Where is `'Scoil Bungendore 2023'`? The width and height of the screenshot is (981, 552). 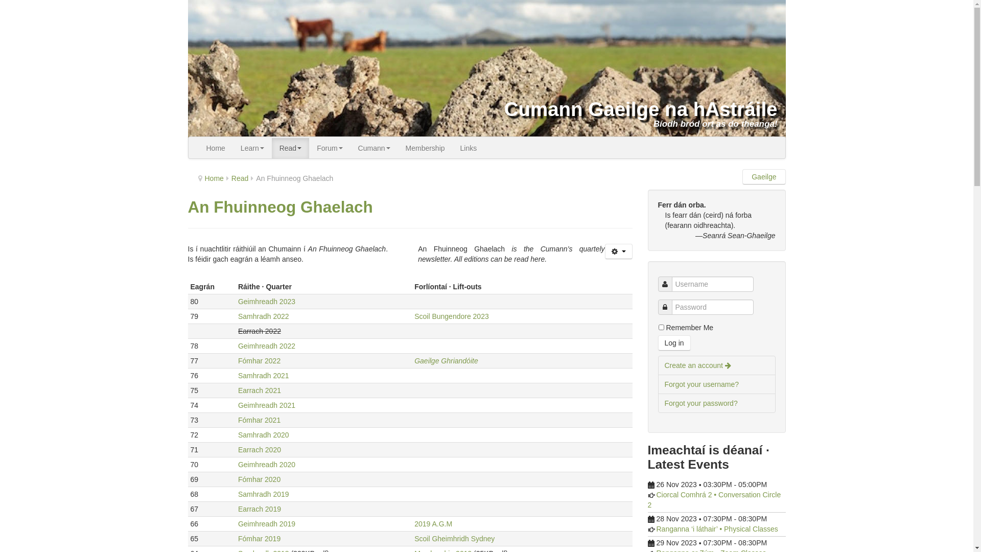
'Scoil Bungendore 2023' is located at coordinates (451, 315).